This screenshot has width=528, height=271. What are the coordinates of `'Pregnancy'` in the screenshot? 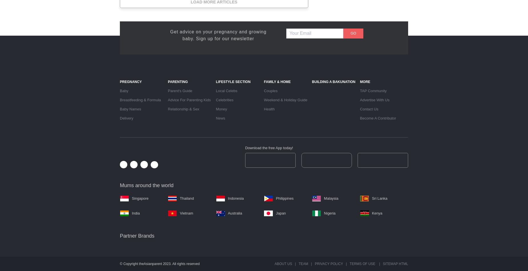 It's located at (130, 81).